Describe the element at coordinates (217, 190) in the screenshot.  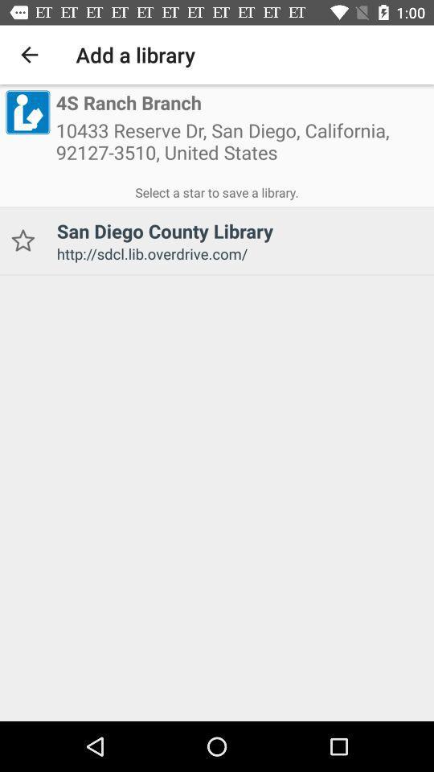
I see `select a star` at that location.